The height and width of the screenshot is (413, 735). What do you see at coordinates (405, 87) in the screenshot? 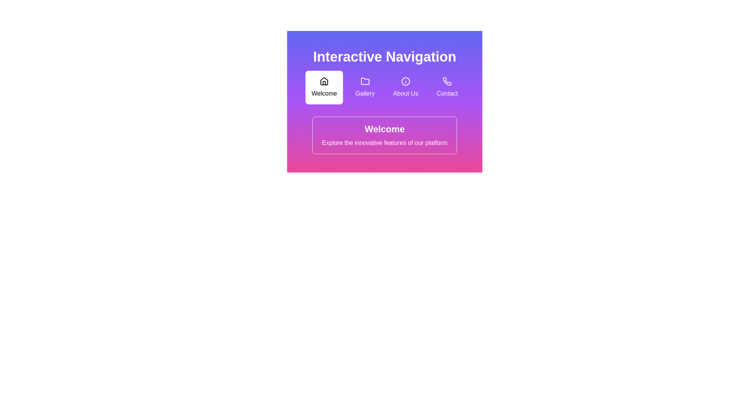
I see `the 'About Us' navigational button, which is the third button in a horizontal row under the title 'Interactive Navigation'` at bounding box center [405, 87].